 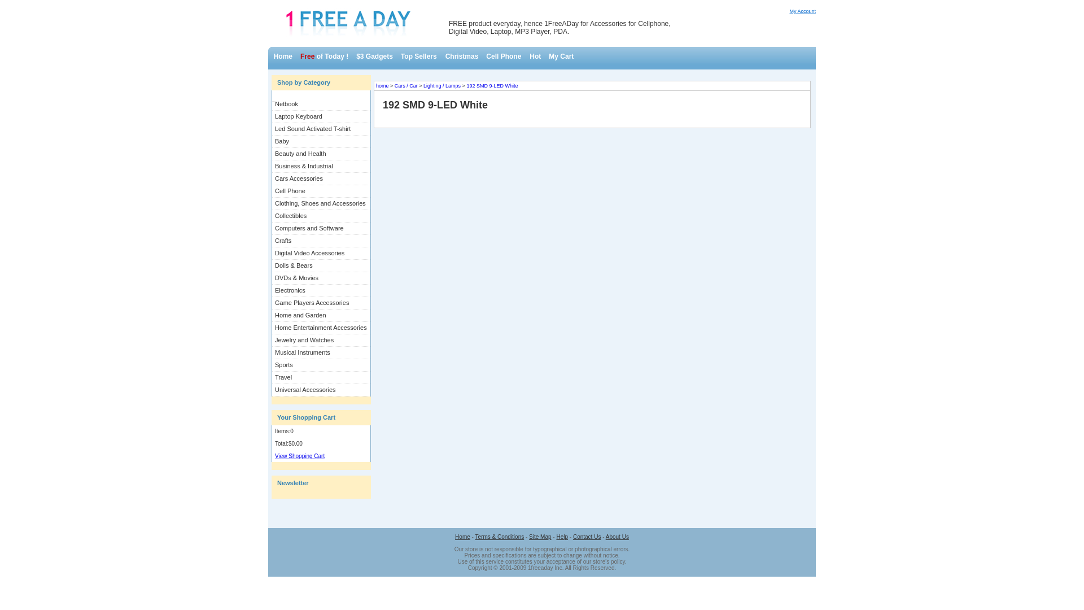 I want to click on 'Dolls & Bears', so click(x=322, y=265).